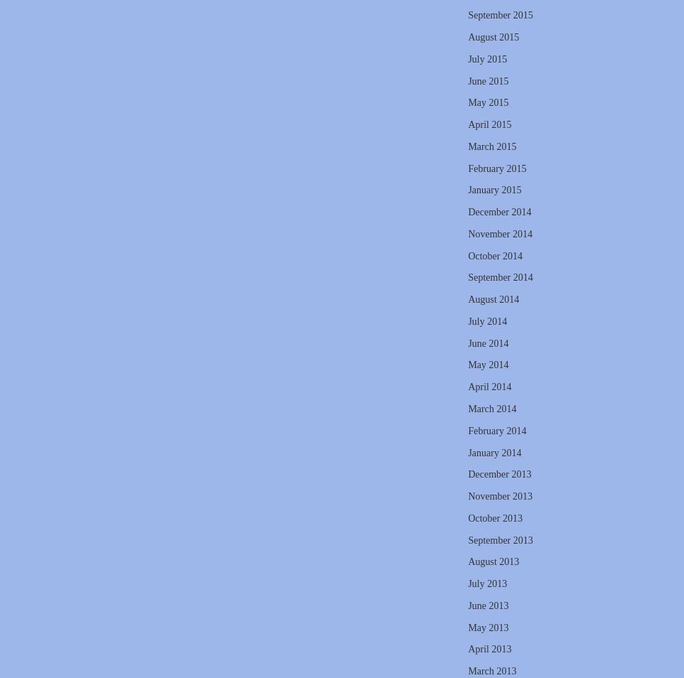 This screenshot has width=684, height=678. Describe the element at coordinates (487, 605) in the screenshot. I see `'June 2013'` at that location.